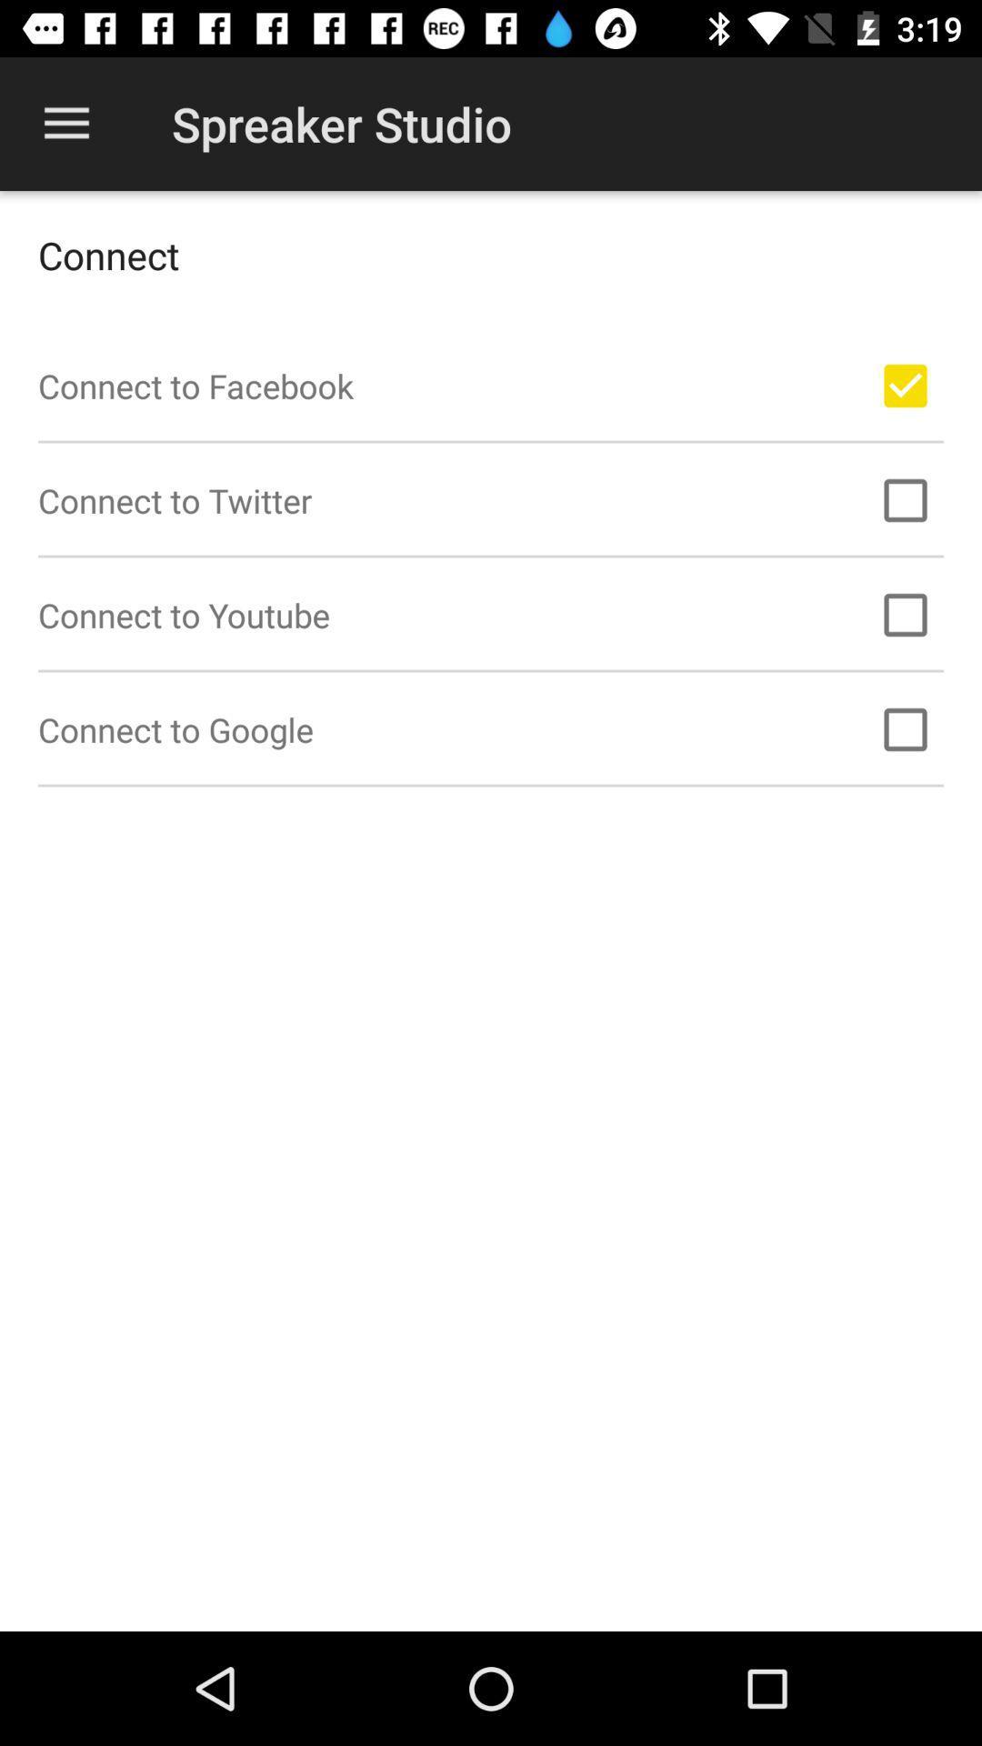  What do you see at coordinates (65, 123) in the screenshot?
I see `app next to the spreaker studio app` at bounding box center [65, 123].